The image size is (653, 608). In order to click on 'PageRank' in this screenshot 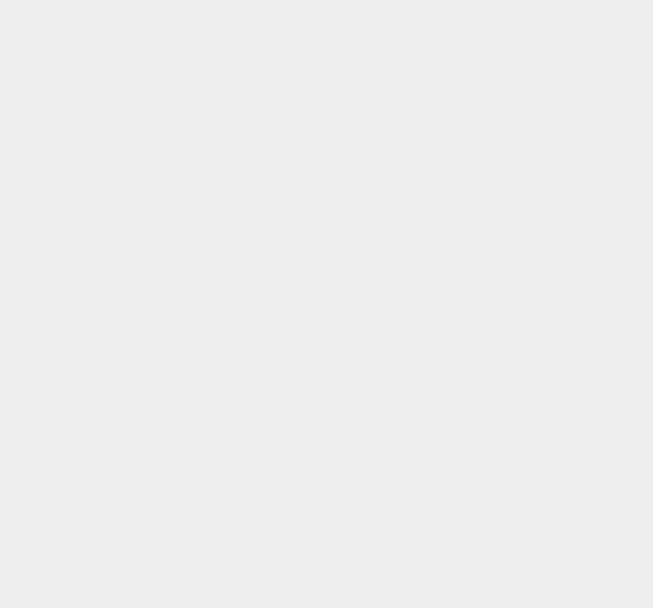, I will do `click(479, 14)`.